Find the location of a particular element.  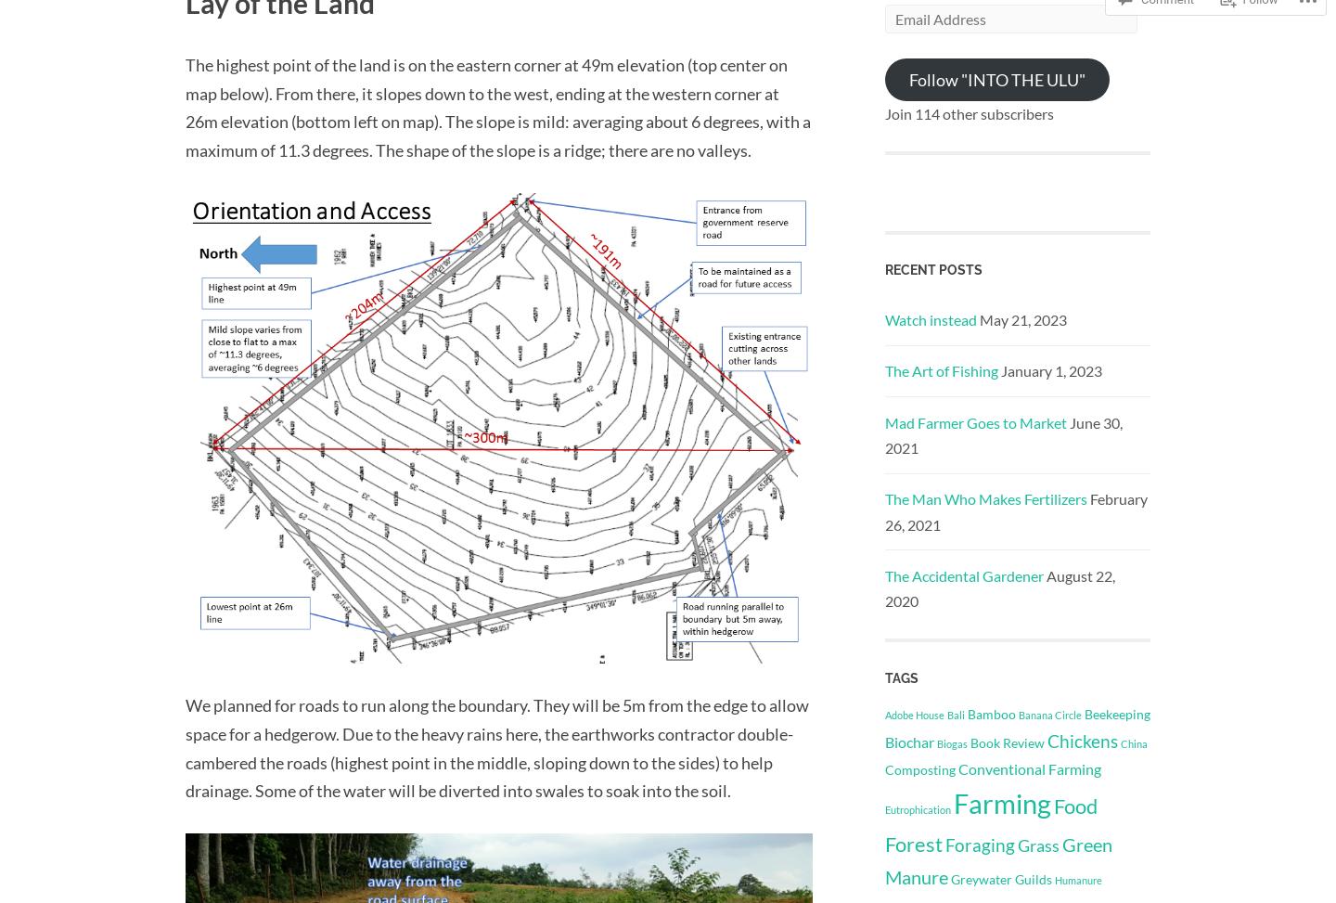

'Watch instead' is located at coordinates (930, 319).